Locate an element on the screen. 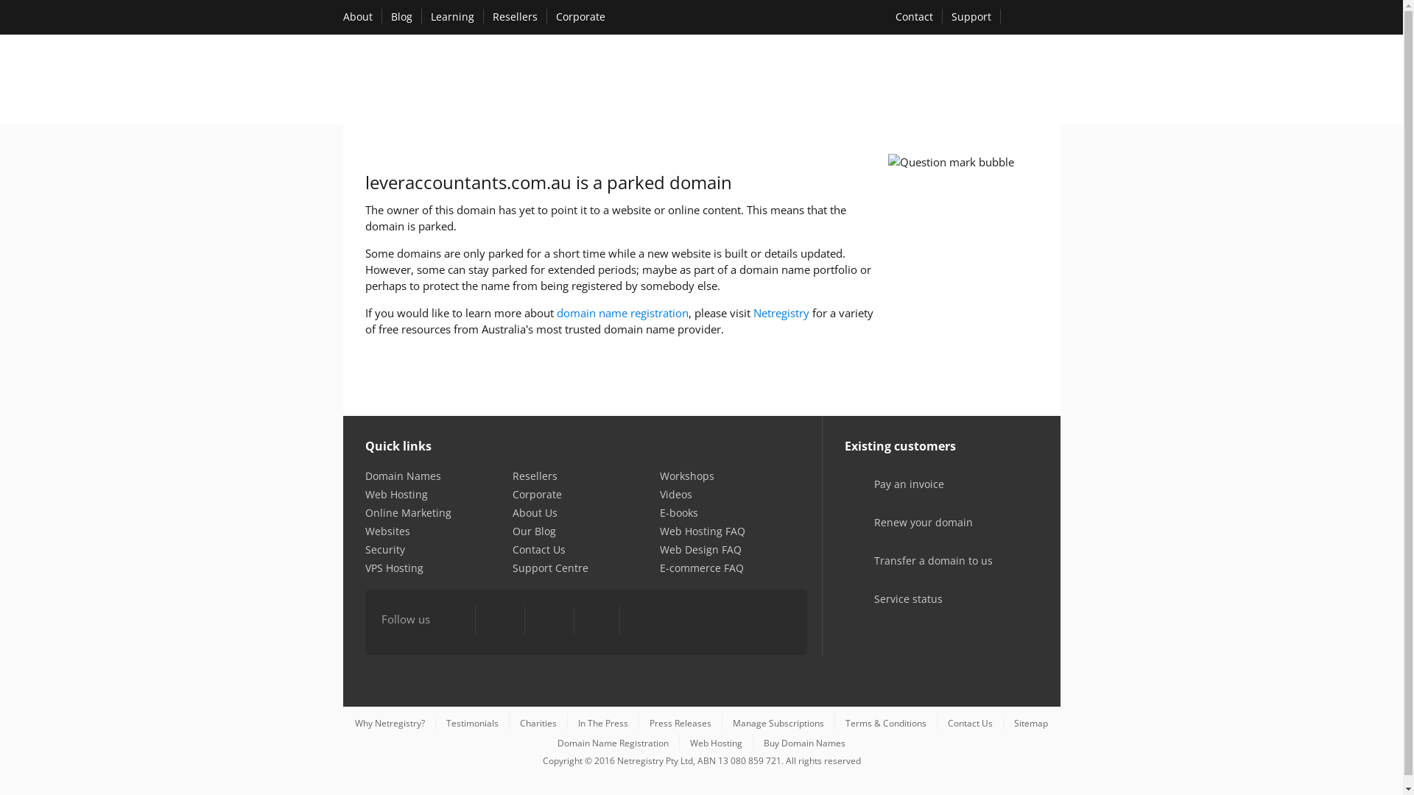 The width and height of the screenshot is (1414, 795). 'Service status' is located at coordinates (888, 609).